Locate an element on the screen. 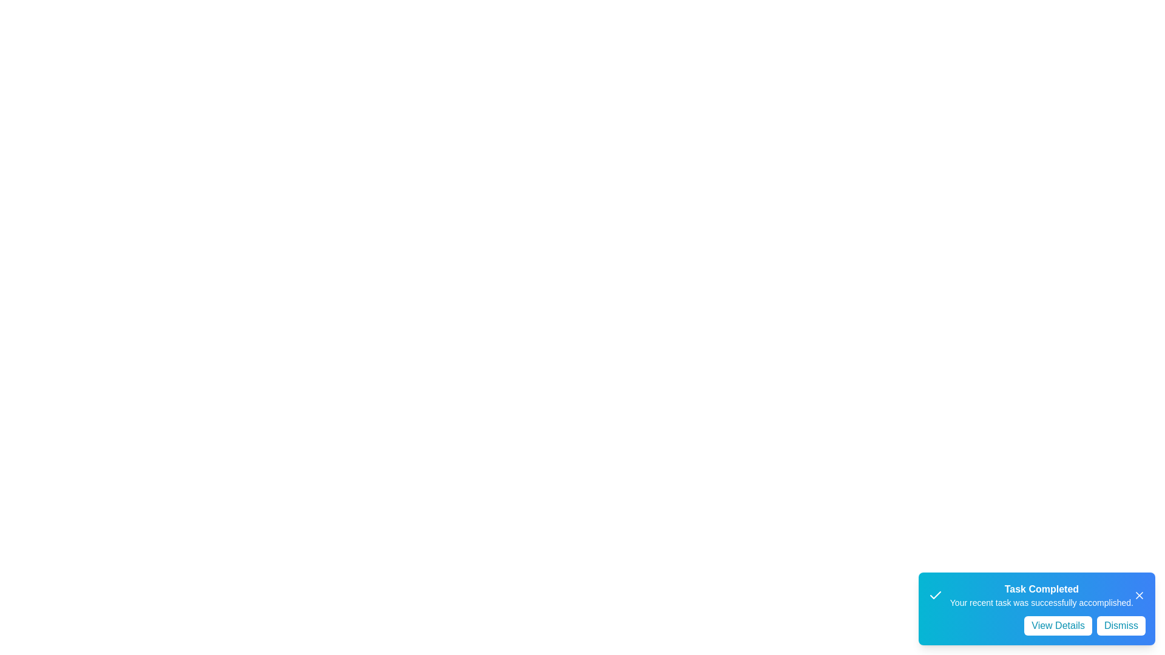  the completion confirmation icon located in the bottom-right corner of the interface is located at coordinates (934, 595).